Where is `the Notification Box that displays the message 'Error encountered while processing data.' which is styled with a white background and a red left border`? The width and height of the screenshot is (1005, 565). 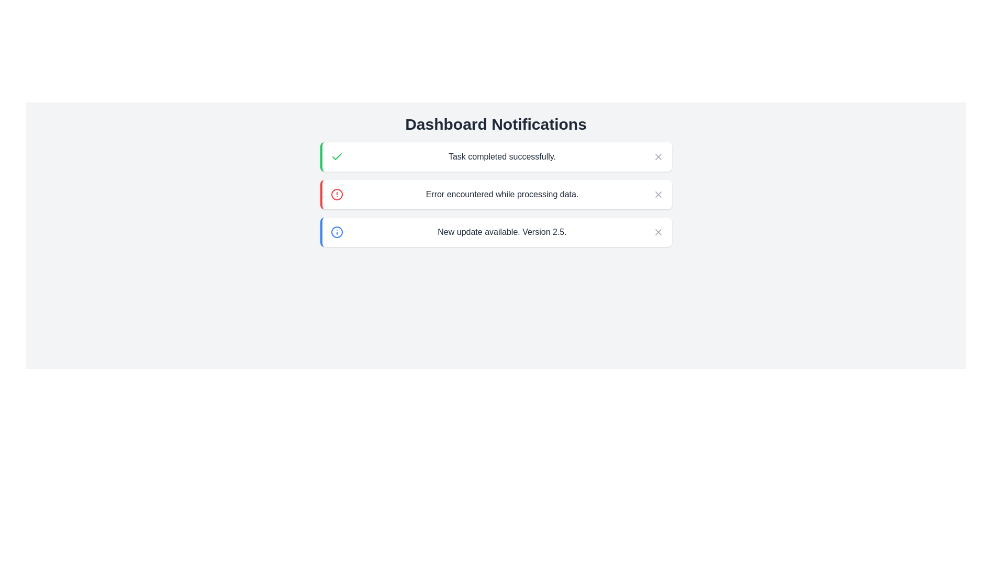 the Notification Box that displays the message 'Error encountered while processing data.' which is styled with a white background and a red left border is located at coordinates (495, 194).